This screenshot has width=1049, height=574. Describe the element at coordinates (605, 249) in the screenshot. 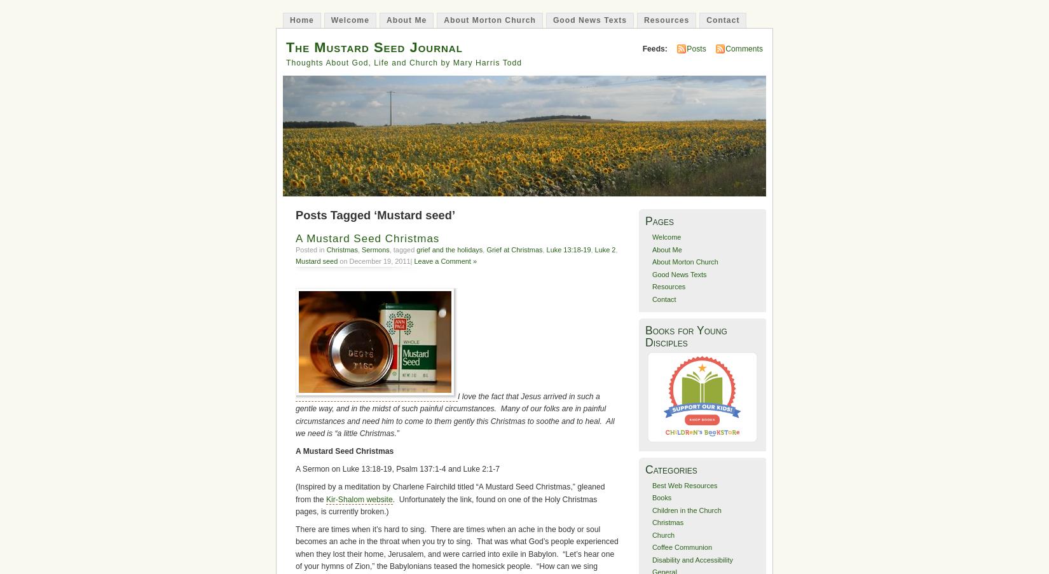

I see `'Luke 2'` at that location.